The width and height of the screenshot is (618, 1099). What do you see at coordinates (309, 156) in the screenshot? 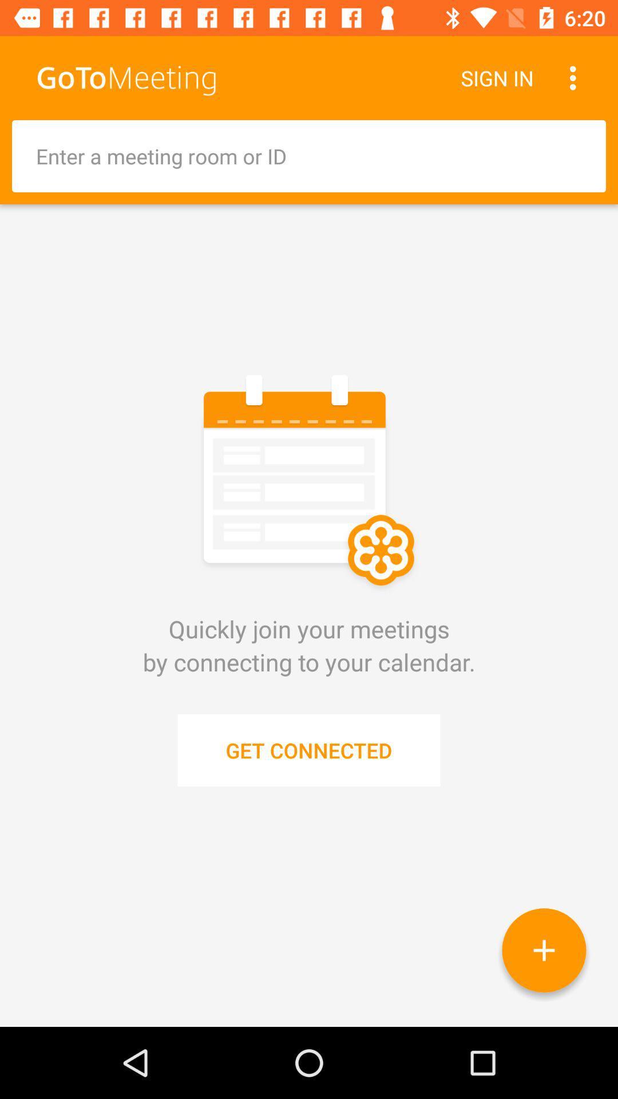
I see `the item above the quickly join your icon` at bounding box center [309, 156].